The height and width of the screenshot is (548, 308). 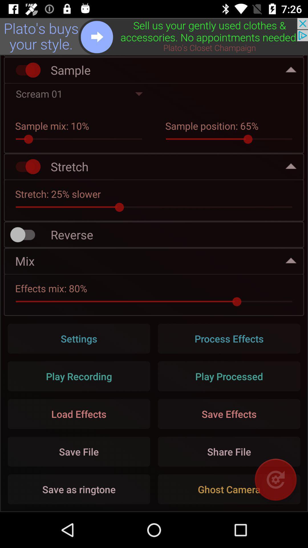 I want to click on rotate, so click(x=275, y=479).